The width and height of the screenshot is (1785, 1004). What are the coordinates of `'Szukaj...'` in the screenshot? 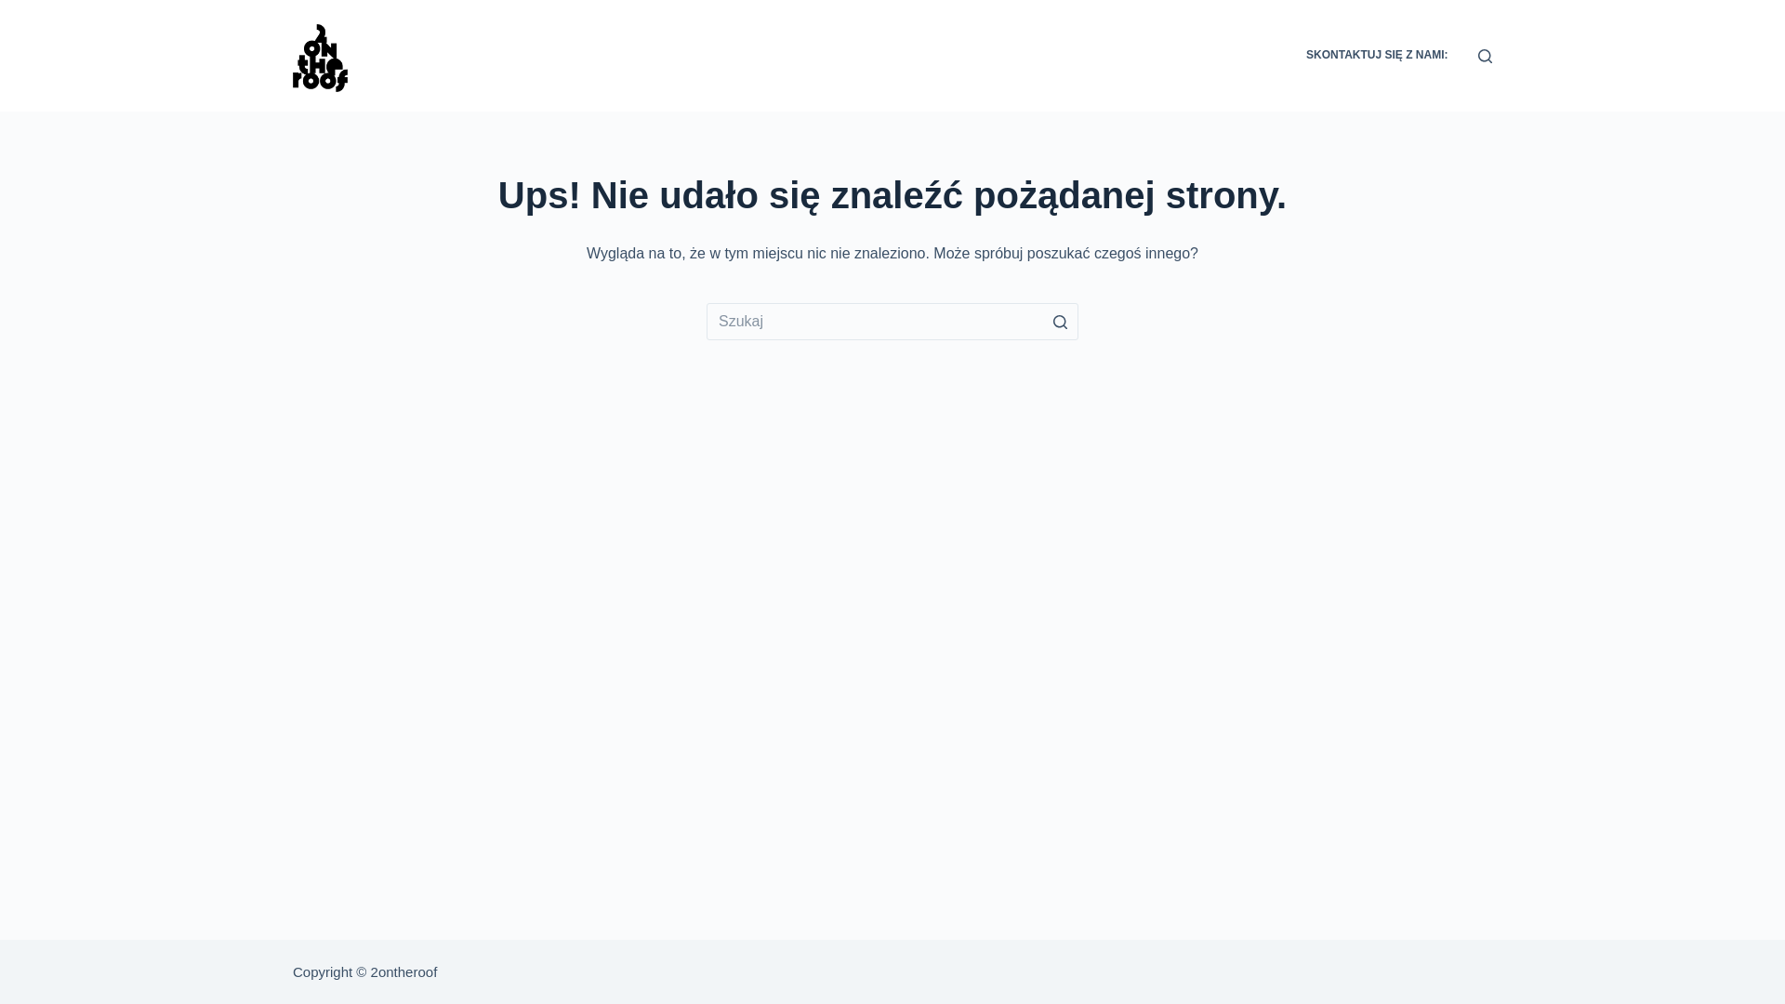 It's located at (892, 321).